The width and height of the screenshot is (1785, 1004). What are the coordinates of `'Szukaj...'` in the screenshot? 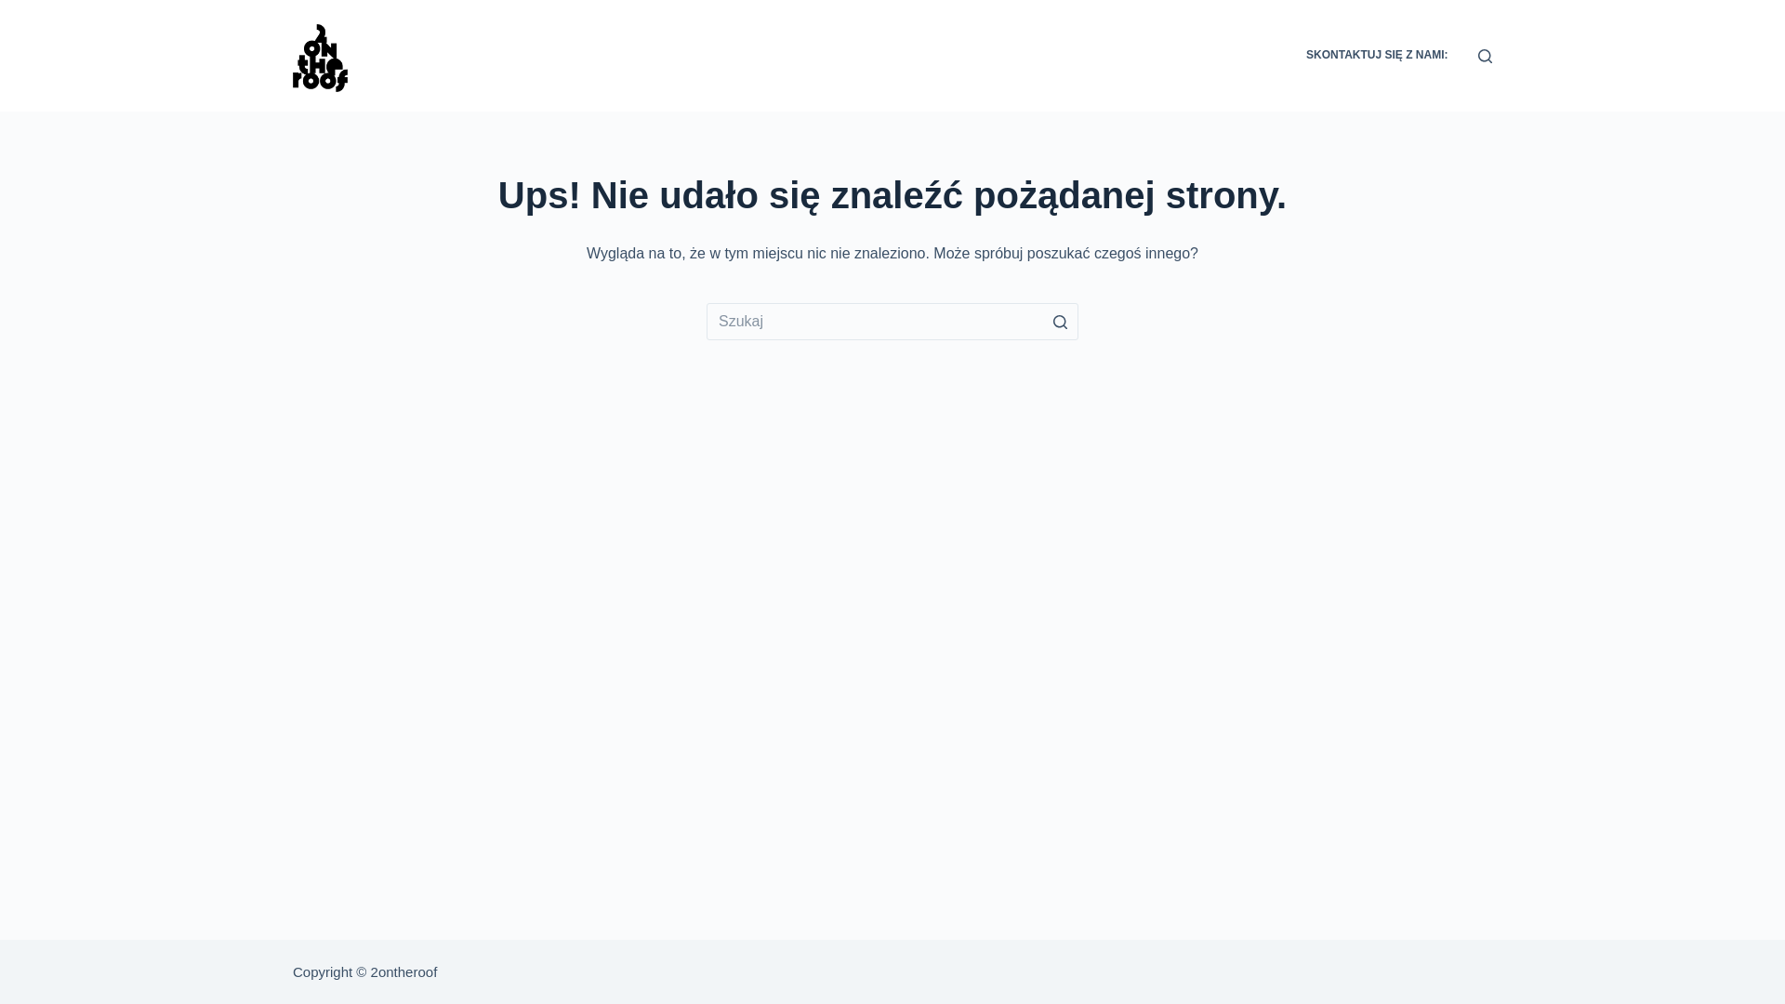 It's located at (892, 321).